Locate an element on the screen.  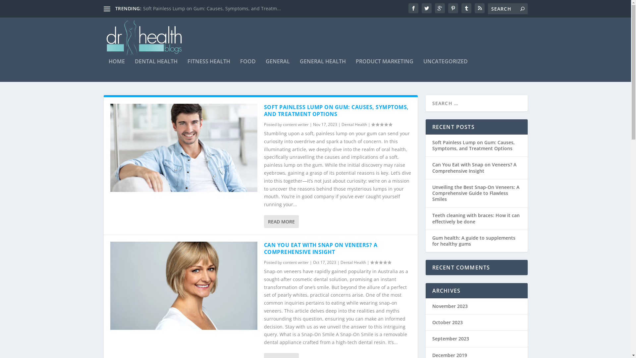
'HOME' is located at coordinates (117, 70).